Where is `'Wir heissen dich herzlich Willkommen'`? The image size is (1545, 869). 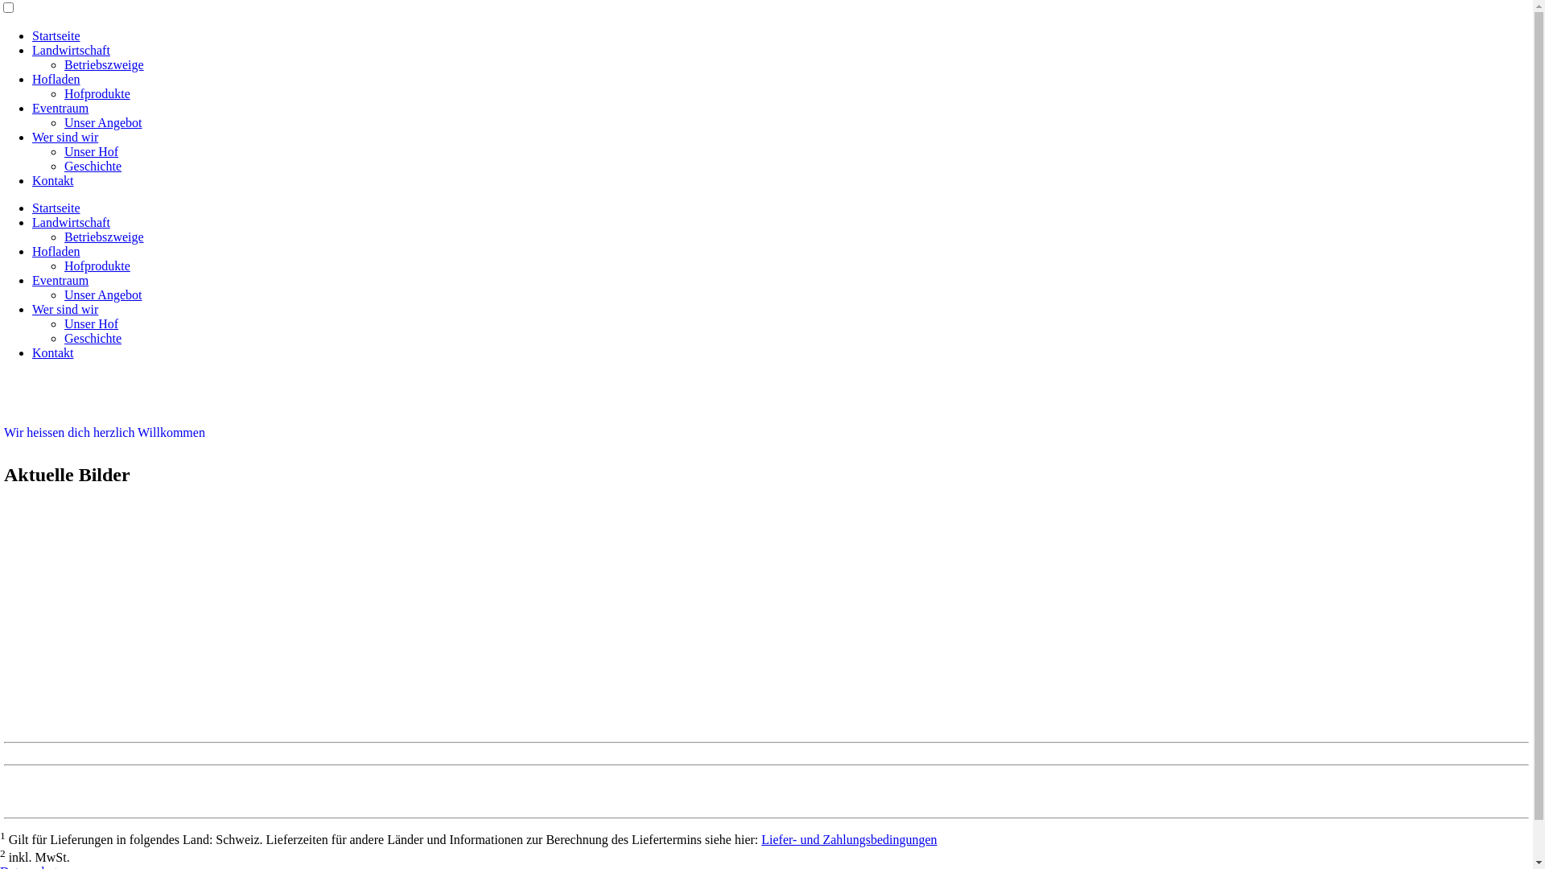 'Wir heissen dich herzlich Willkommen' is located at coordinates (103, 431).